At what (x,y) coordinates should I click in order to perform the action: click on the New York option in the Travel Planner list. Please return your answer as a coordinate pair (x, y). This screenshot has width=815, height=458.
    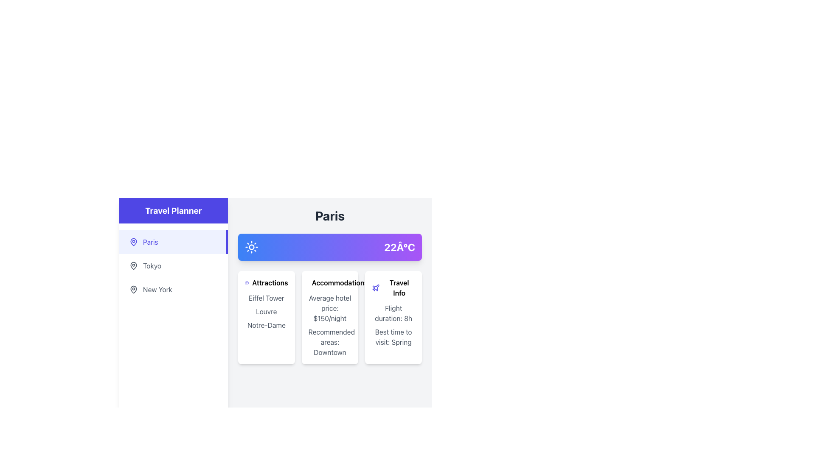
    Looking at the image, I should click on (173, 289).